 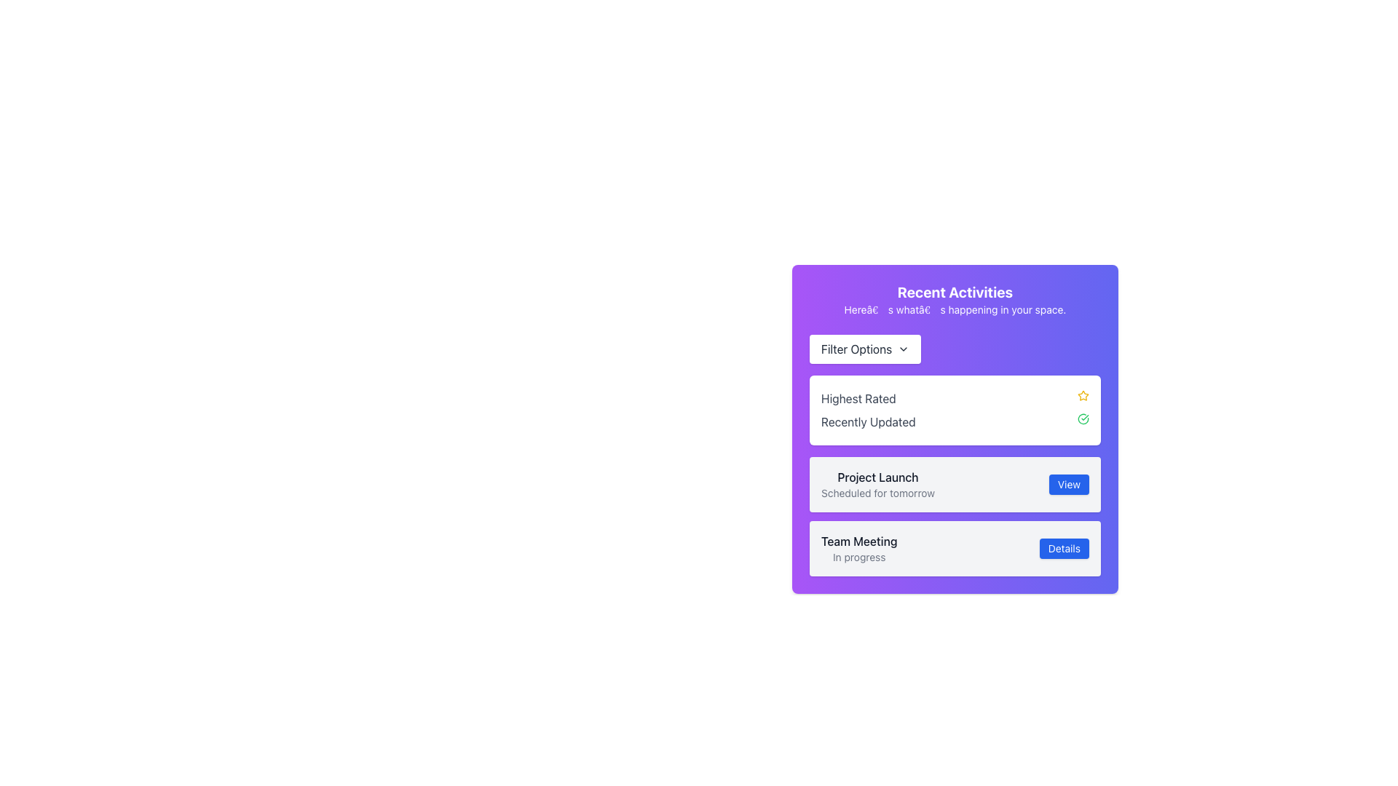 What do you see at coordinates (955, 309) in the screenshot?
I see `the Static Text Label that serves as a description for the 'Recent Activities' section, located below the header text 'Recent Activities'` at bounding box center [955, 309].